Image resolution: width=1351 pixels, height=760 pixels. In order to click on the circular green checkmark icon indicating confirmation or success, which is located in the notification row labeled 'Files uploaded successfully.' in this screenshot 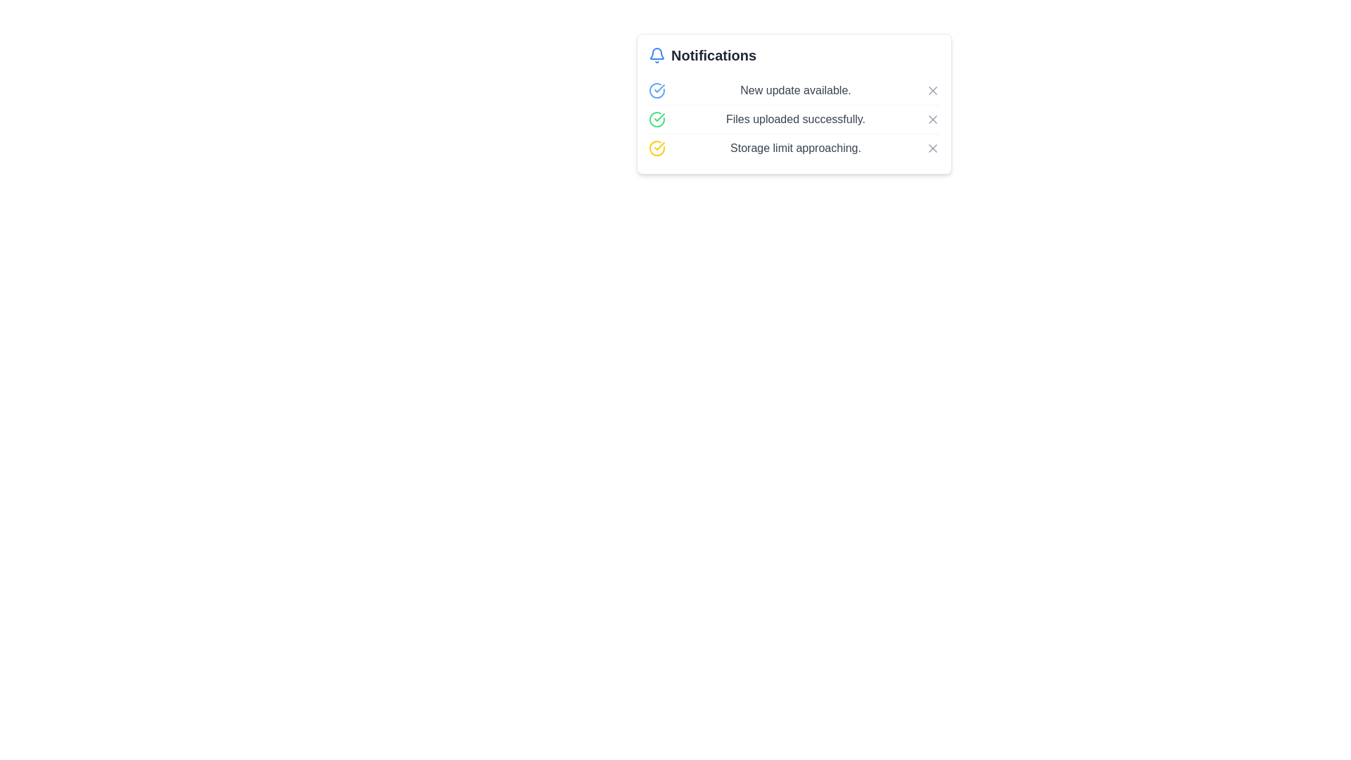, I will do `click(657, 118)`.